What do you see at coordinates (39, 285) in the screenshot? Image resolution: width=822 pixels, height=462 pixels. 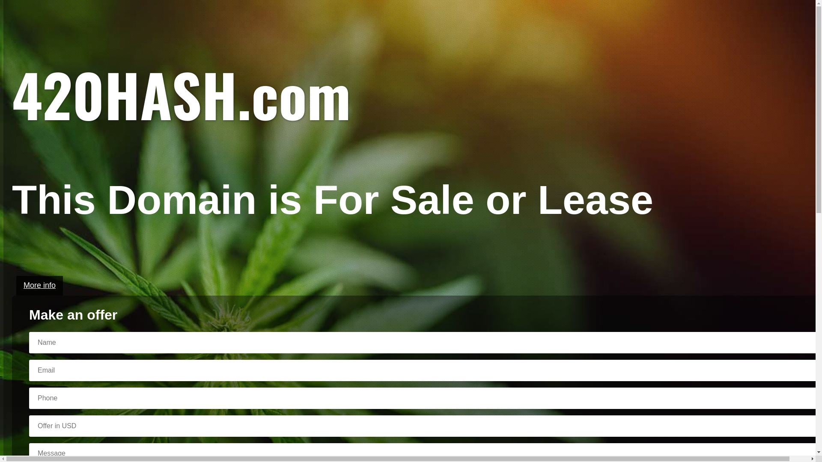 I see `'More info'` at bounding box center [39, 285].